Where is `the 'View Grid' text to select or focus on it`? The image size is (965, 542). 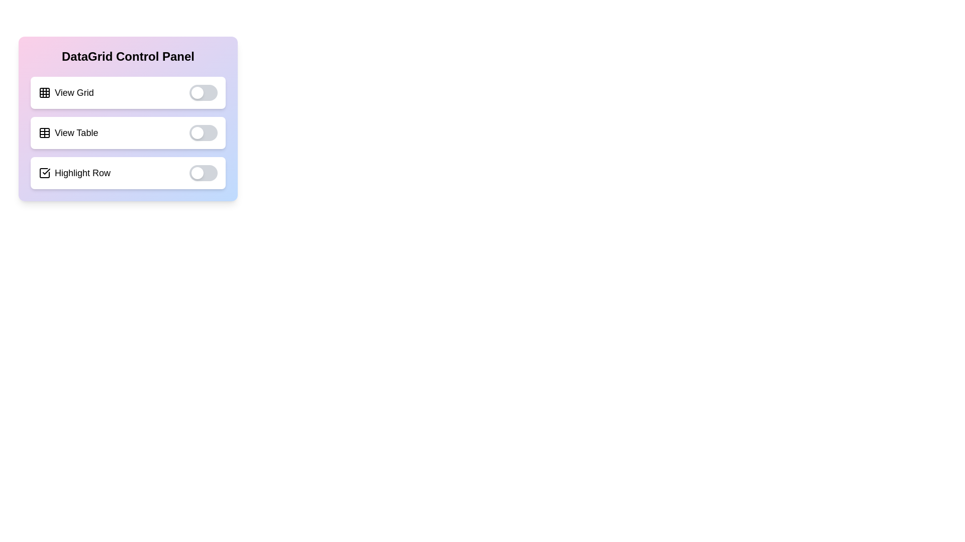 the 'View Grid' text to select or focus on it is located at coordinates (65, 93).